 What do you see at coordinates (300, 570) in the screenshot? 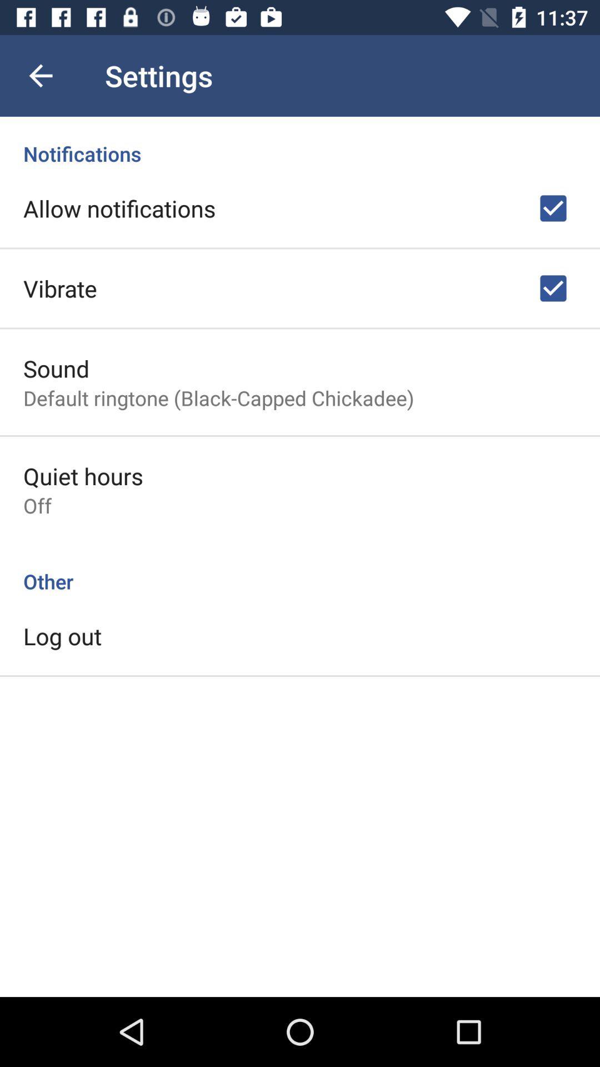
I see `other icon` at bounding box center [300, 570].